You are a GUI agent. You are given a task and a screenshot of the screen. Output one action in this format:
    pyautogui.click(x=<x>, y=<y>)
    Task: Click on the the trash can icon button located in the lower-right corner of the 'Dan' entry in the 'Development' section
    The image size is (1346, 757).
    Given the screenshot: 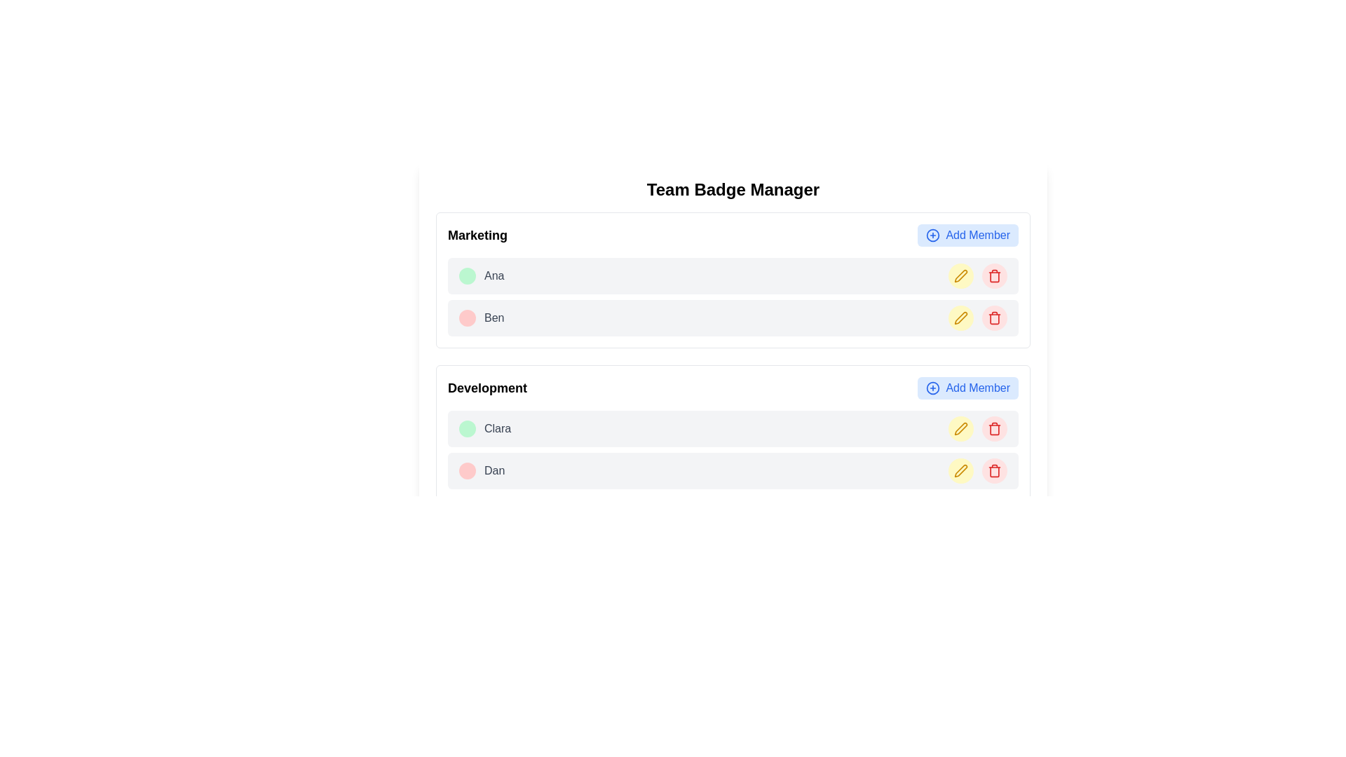 What is the action you would take?
    pyautogui.click(x=994, y=470)
    